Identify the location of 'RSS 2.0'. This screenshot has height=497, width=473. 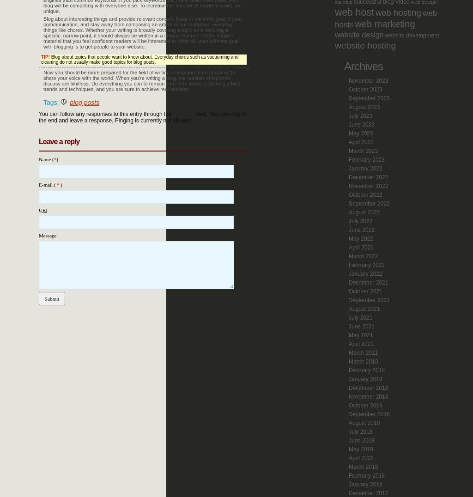
(183, 114).